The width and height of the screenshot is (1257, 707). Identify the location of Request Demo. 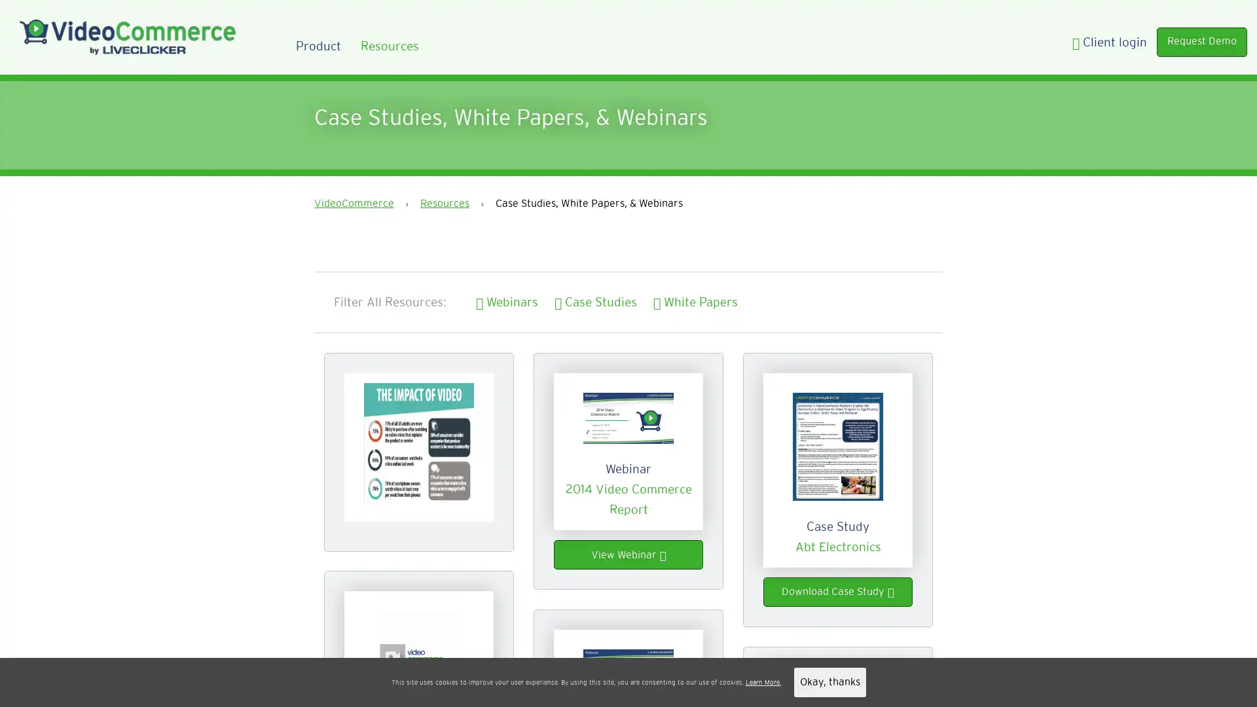
(1202, 41).